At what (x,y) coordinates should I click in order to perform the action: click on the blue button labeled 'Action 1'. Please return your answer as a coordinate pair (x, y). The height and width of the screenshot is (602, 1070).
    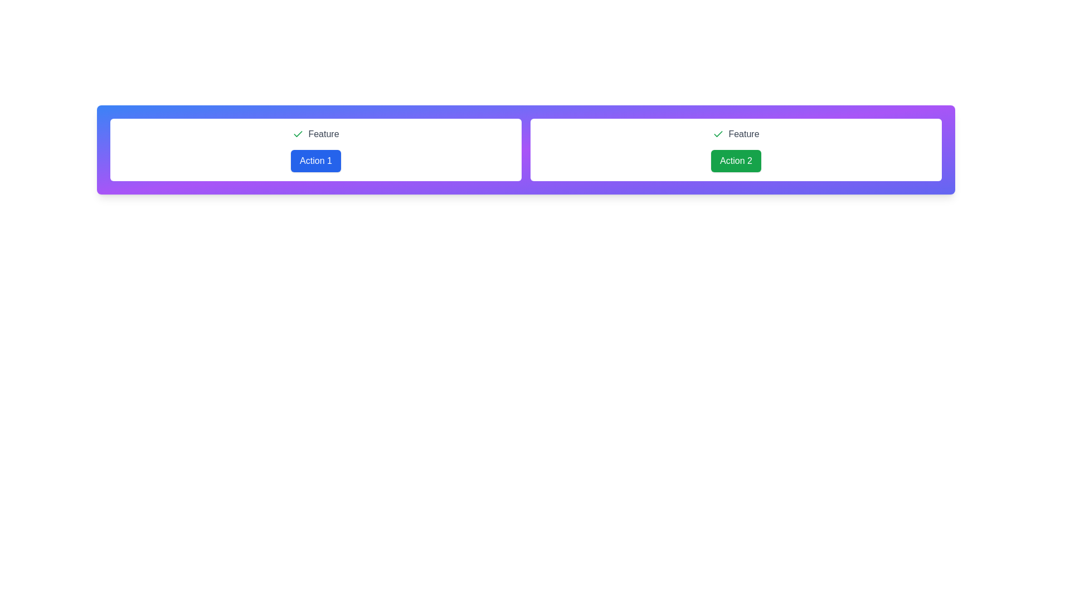
    Looking at the image, I should click on (315, 161).